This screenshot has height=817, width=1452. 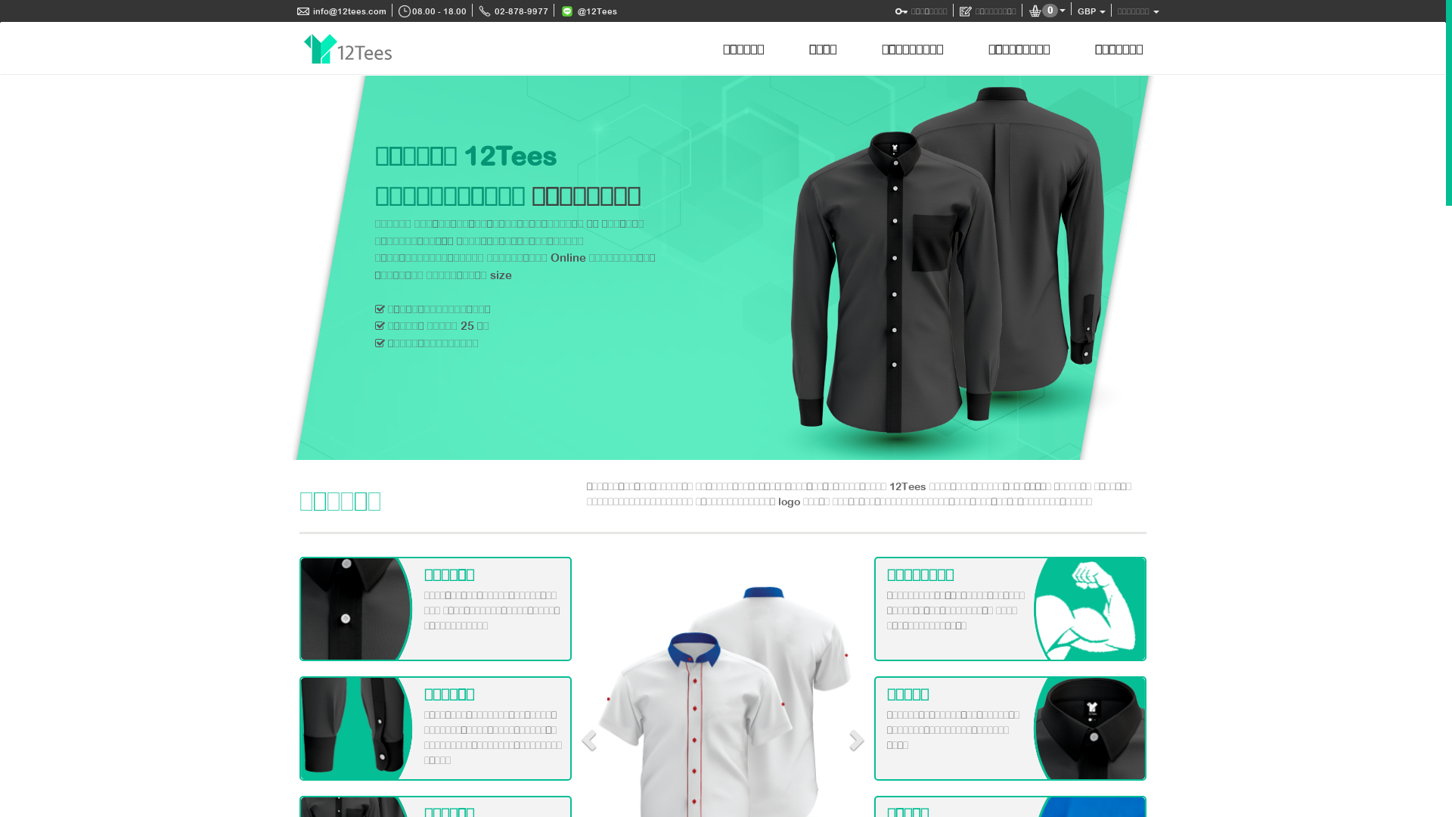 What do you see at coordinates (588, 11) in the screenshot?
I see `'@12Tees'` at bounding box center [588, 11].